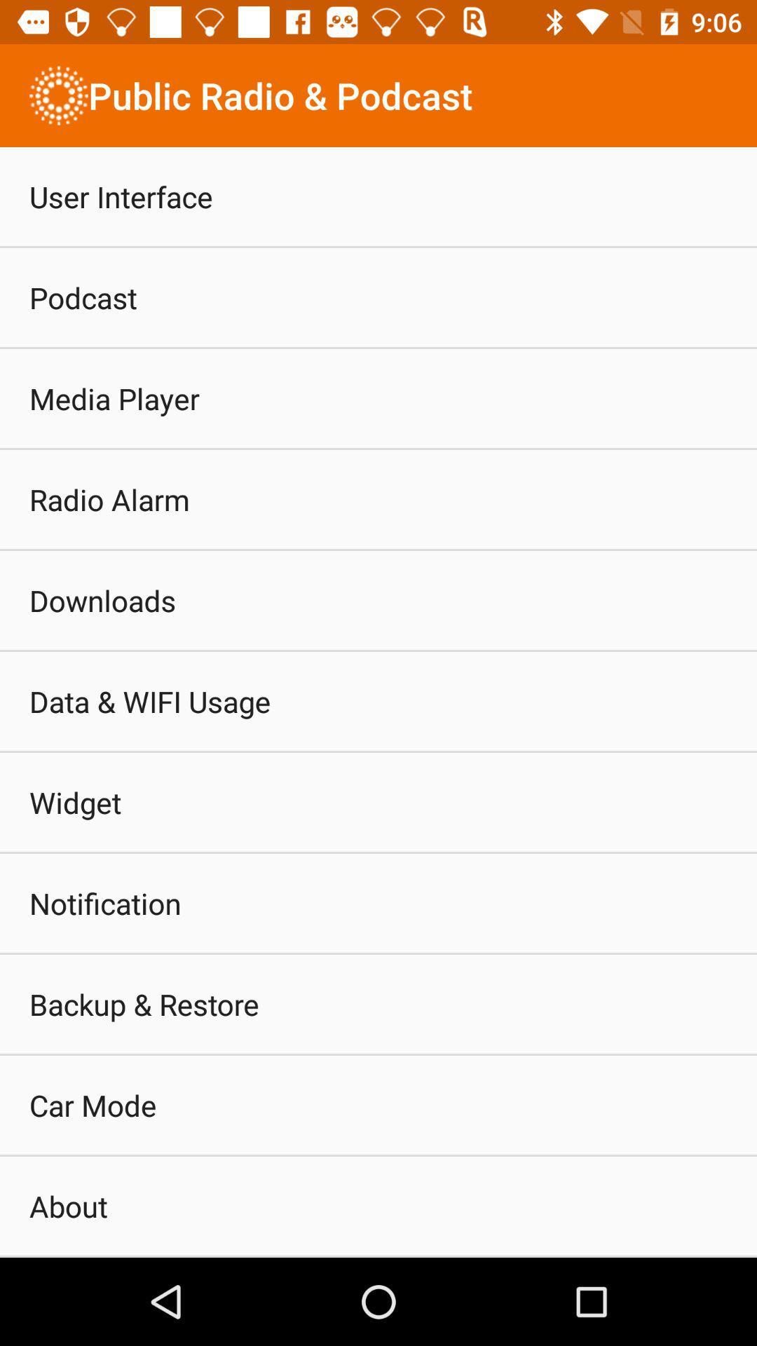 The height and width of the screenshot is (1346, 757). What do you see at coordinates (102, 600) in the screenshot?
I see `item below the radio alarm app` at bounding box center [102, 600].